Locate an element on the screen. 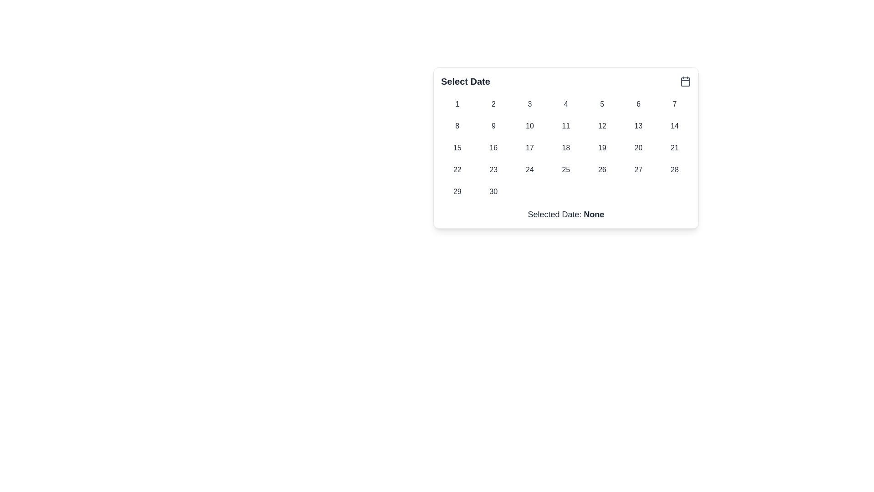  the selectable date button '29' in the calendar grid is located at coordinates (457, 191).